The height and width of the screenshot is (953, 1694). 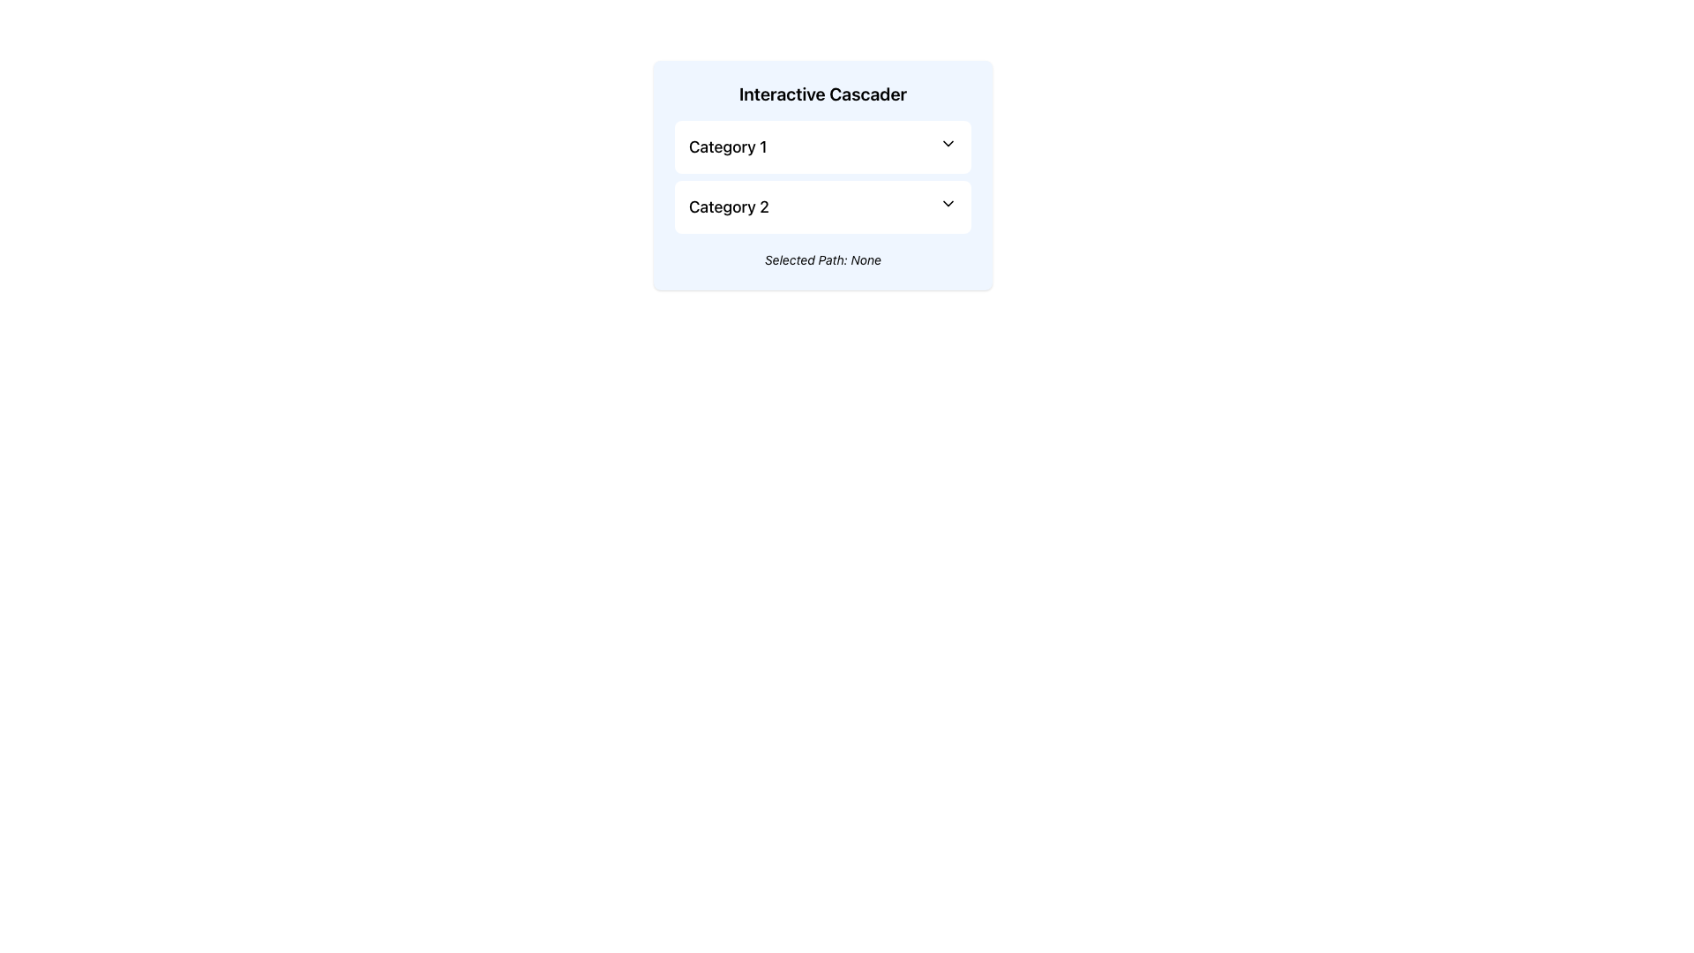 What do you see at coordinates (821, 206) in the screenshot?
I see `the Clickable List Item representing 'Category 2' in the dropdown menu` at bounding box center [821, 206].